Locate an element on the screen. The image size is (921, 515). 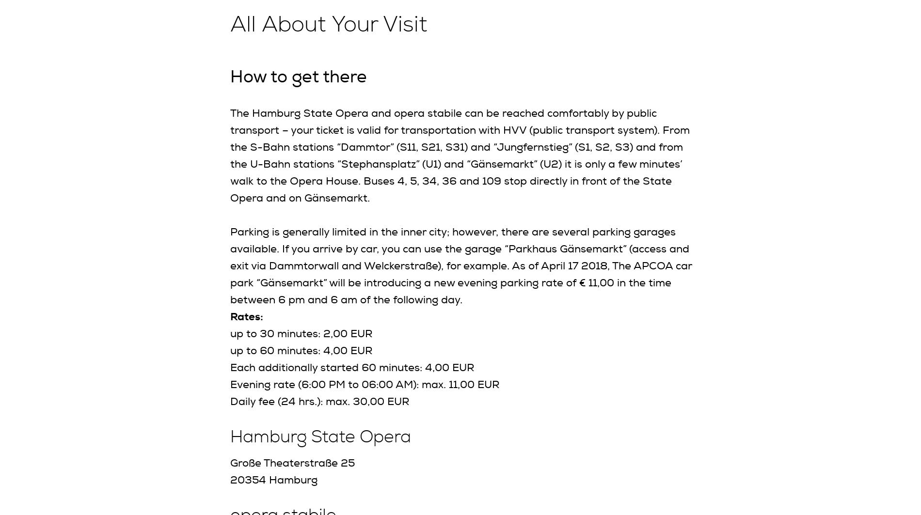
'Große Theaterstraße 25' is located at coordinates (292, 462).